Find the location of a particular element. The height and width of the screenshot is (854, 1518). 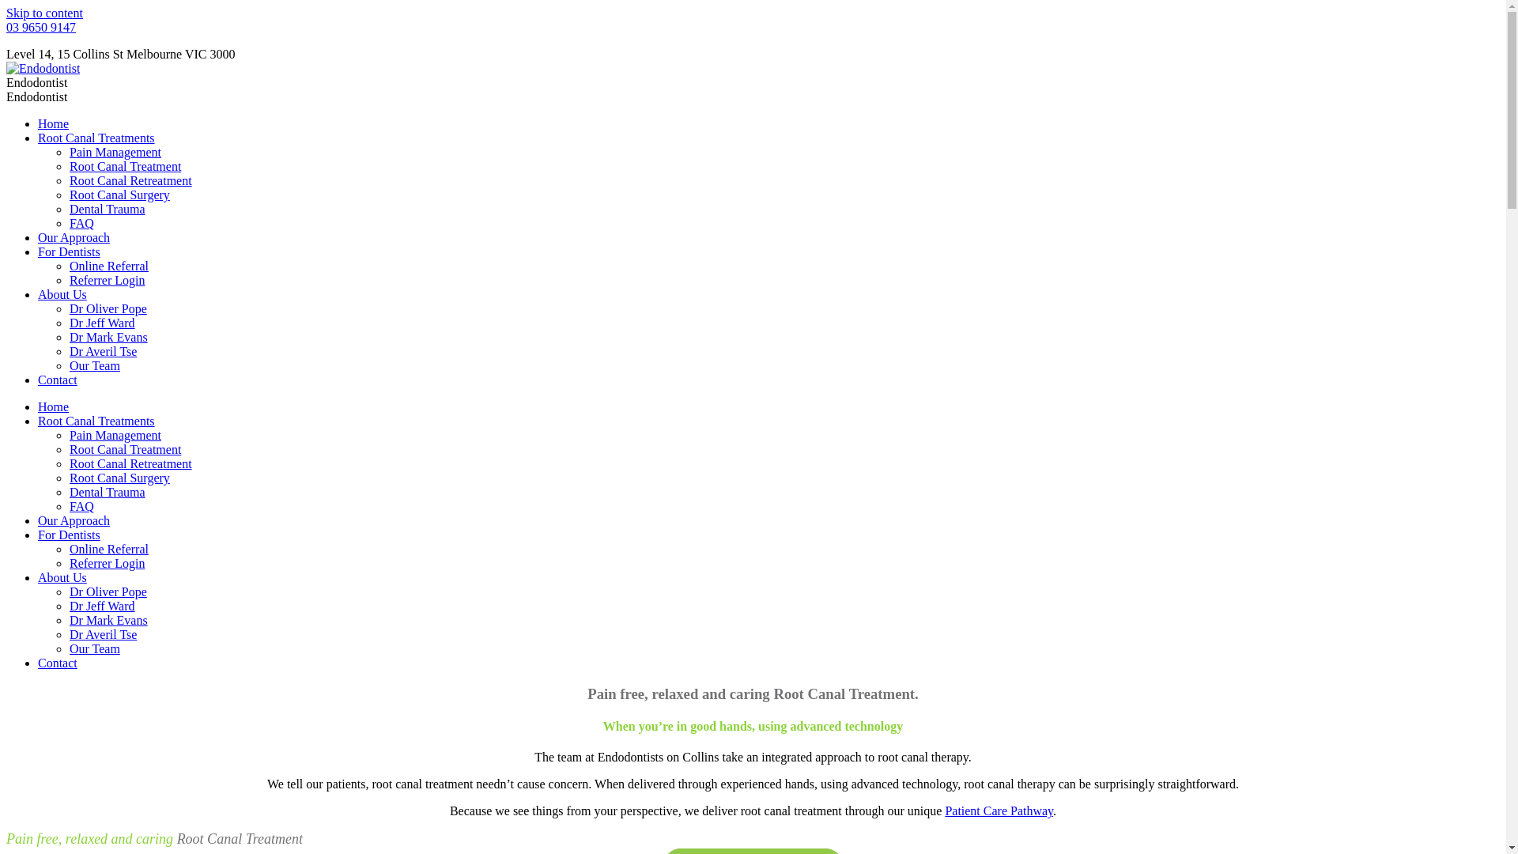

'About Us' is located at coordinates (62, 294).